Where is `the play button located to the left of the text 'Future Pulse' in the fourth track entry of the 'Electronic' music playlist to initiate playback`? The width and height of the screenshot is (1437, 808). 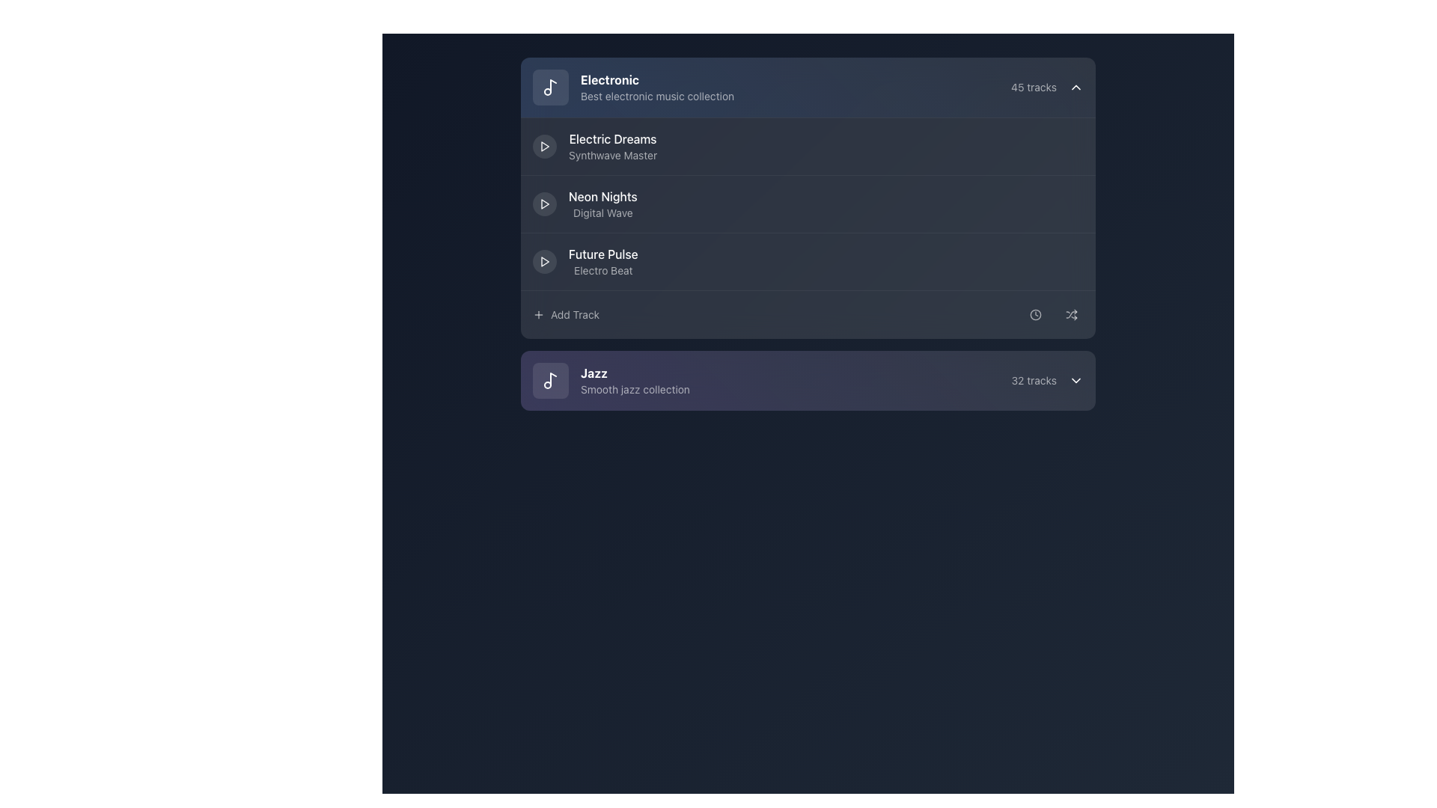
the play button located to the left of the text 'Future Pulse' in the fourth track entry of the 'Electronic' music playlist to initiate playback is located at coordinates (544, 261).